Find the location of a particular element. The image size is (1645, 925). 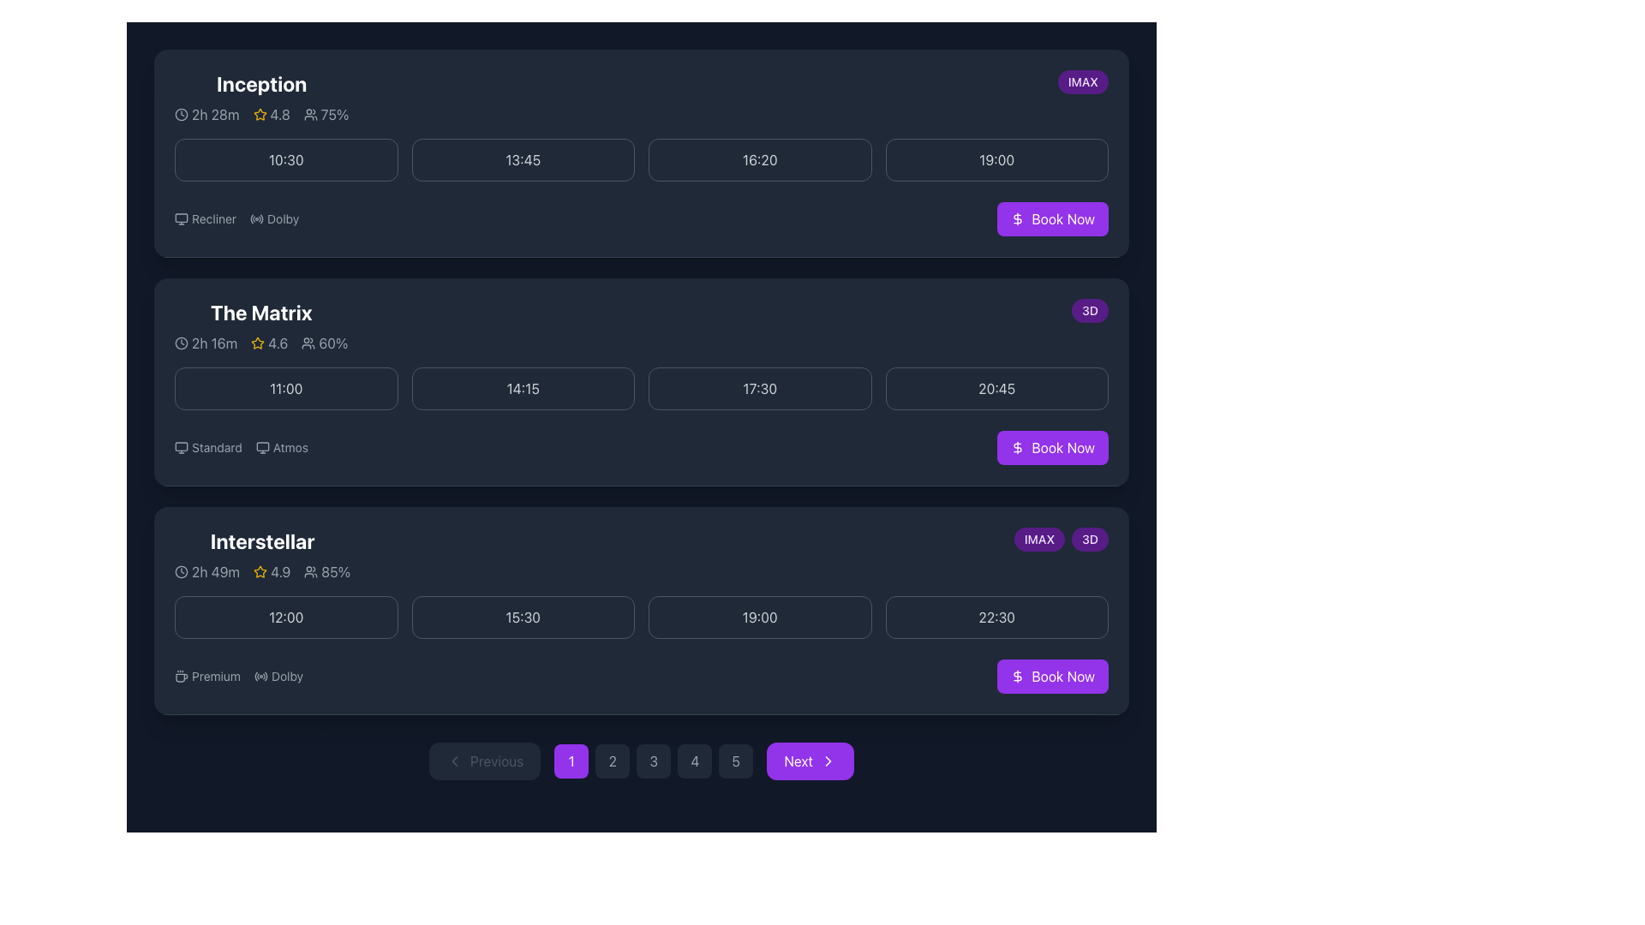

the purple button labeled 'Book Now' surrounding the dollar sign icon to book a ticket is located at coordinates (1018, 676).